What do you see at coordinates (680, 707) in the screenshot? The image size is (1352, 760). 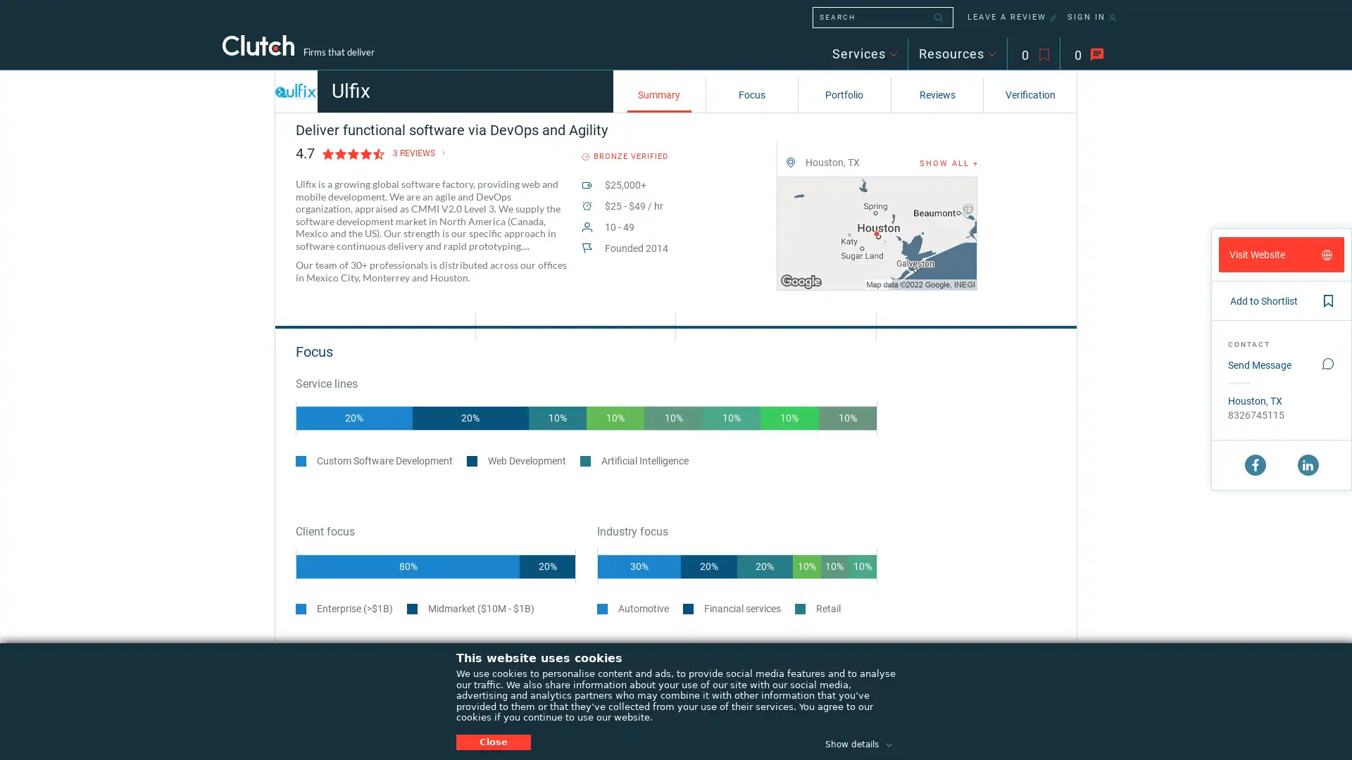 I see `20%` at bounding box center [680, 707].